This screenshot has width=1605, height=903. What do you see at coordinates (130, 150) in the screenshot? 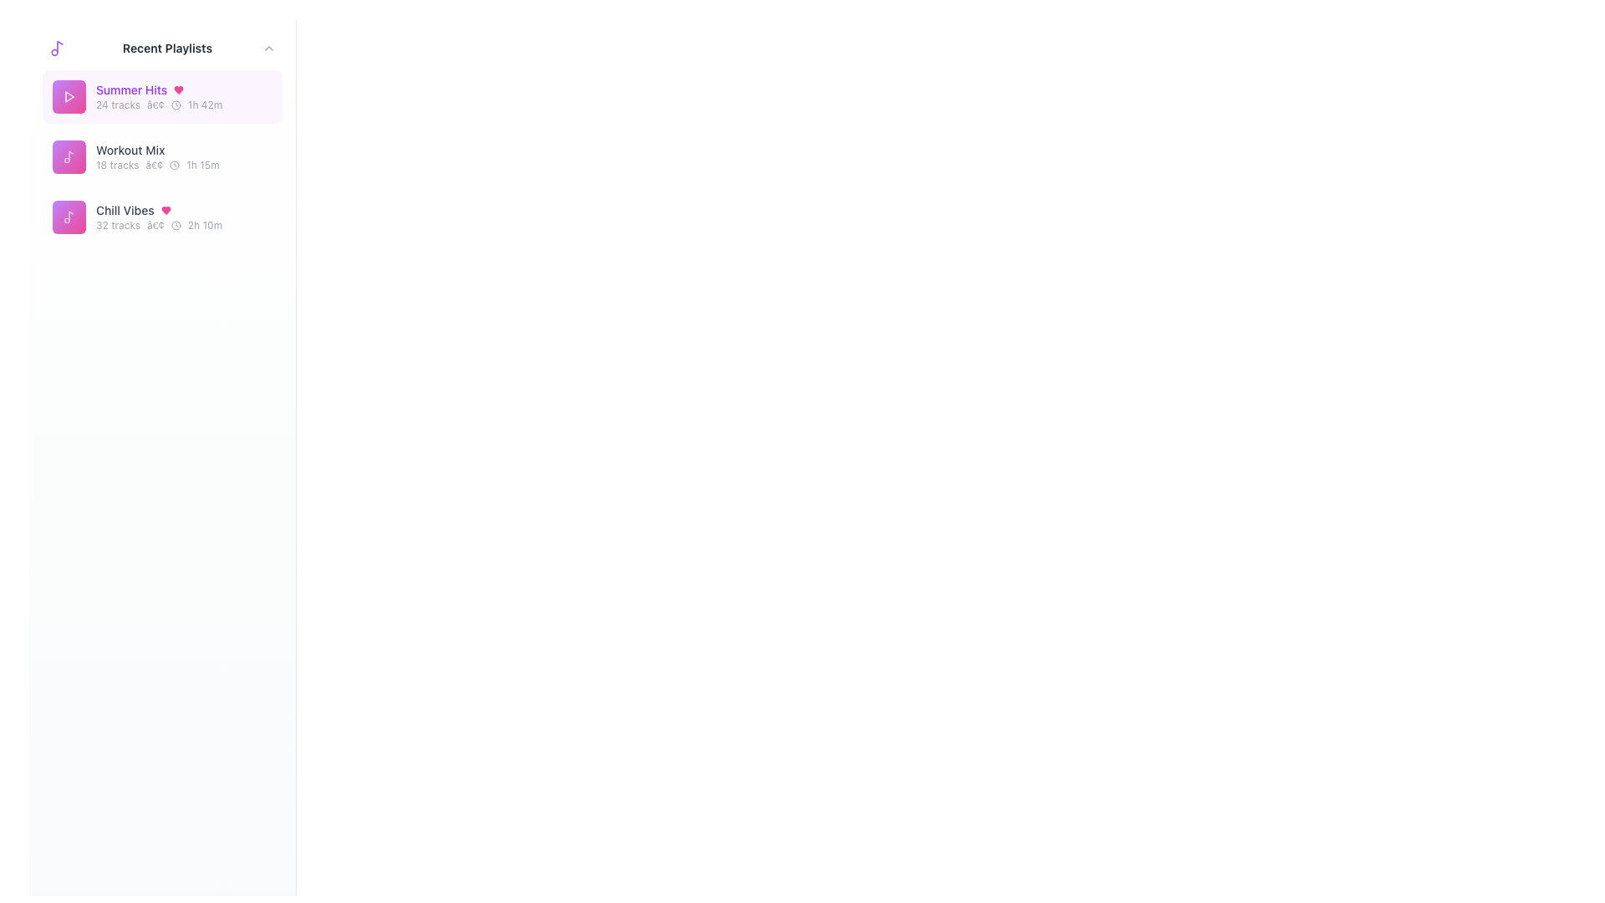
I see `text from the 'Workout Mix' label, which is the second entry in the 'Recent Playlists' section of the vertically arranged list` at bounding box center [130, 150].